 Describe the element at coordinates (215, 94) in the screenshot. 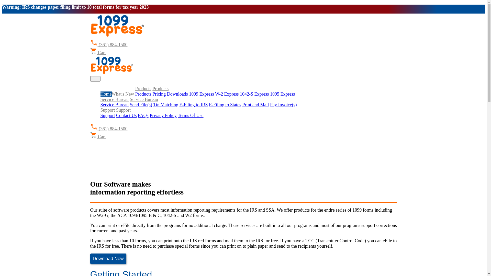

I see `'W-2 Express'` at that location.